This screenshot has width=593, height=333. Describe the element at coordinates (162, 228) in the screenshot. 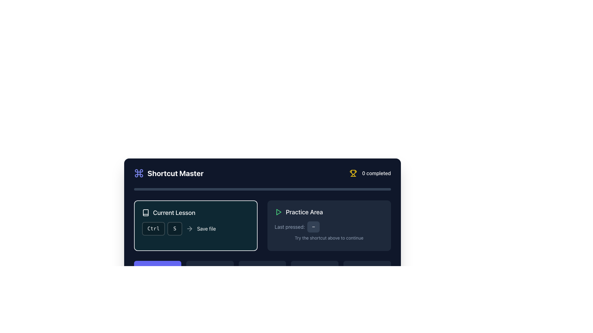

I see `text 'Ctrl S' from the compound text label styled to resemble keyboard keys, which is centrally located within the 'Current Lesson' card` at that location.